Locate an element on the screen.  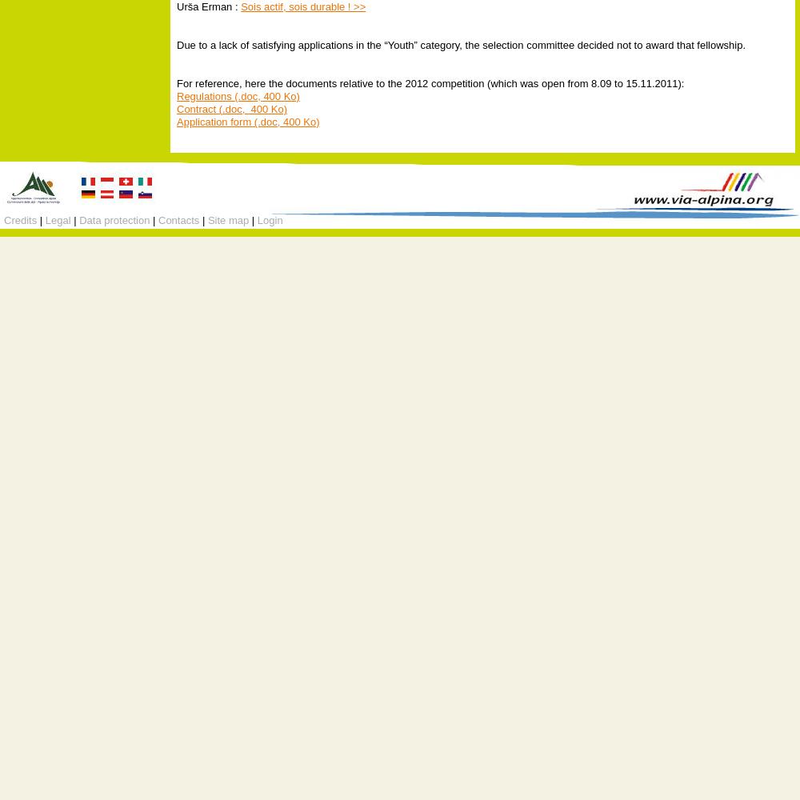
'Contract (.doc,  400 Ko)' is located at coordinates (232, 108).